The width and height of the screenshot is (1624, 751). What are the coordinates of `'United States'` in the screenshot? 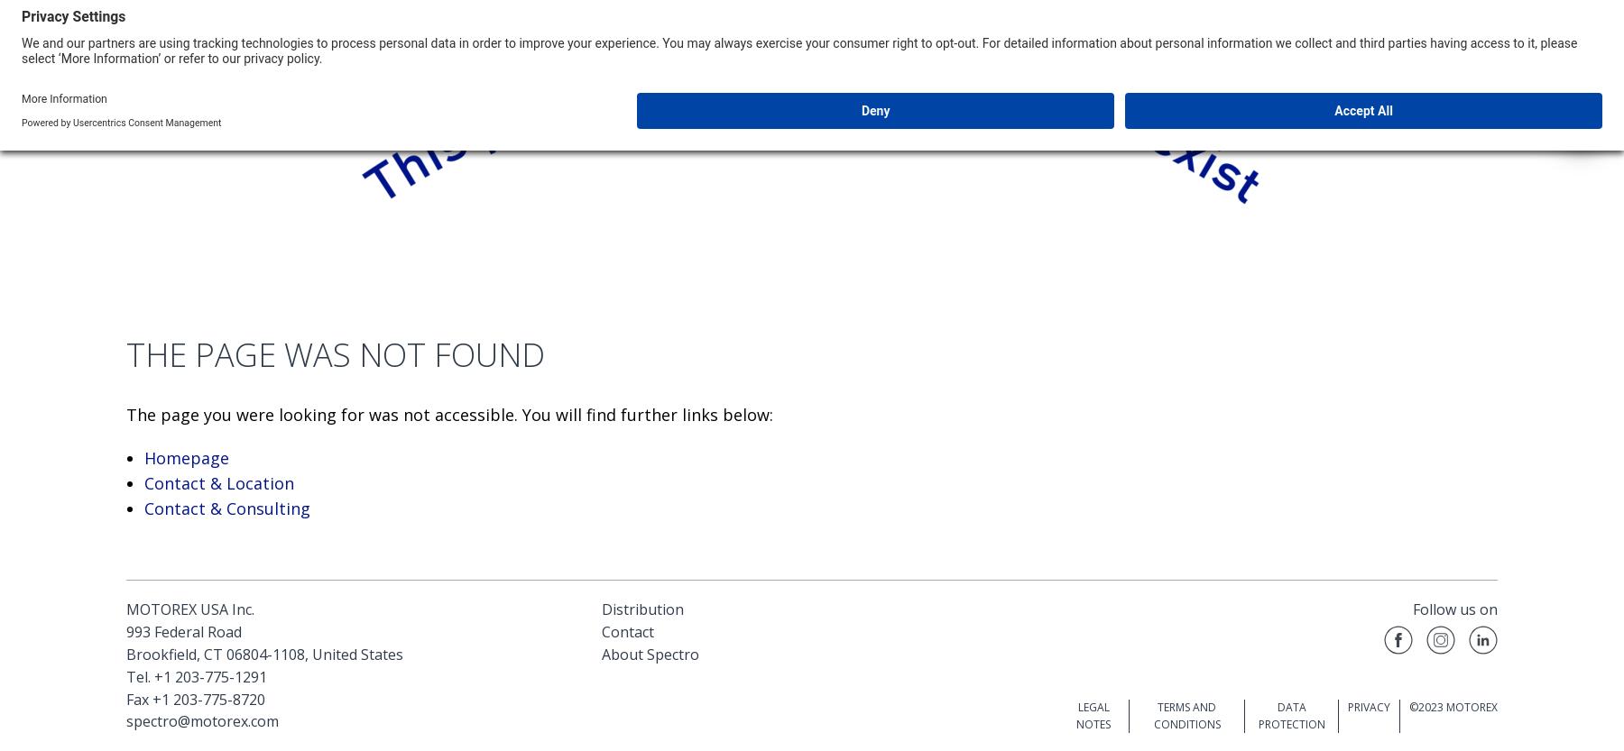 It's located at (357, 653).